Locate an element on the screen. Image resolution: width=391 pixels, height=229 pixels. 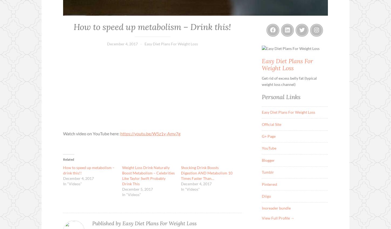
'Get rid of excess belly fat (typical weight loss channel)' is located at coordinates (289, 81).